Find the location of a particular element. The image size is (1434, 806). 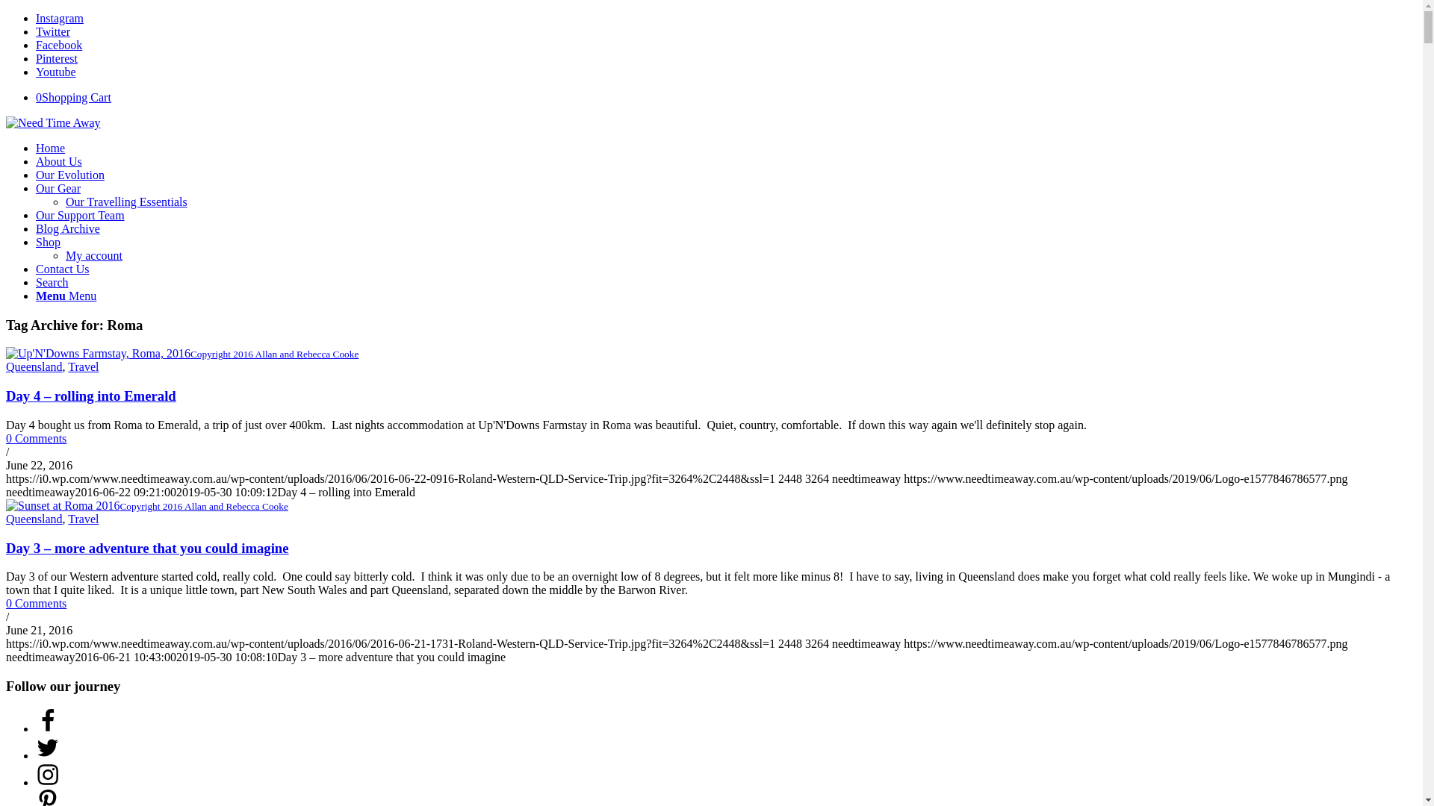

'Our Support Team' is located at coordinates (36, 215).